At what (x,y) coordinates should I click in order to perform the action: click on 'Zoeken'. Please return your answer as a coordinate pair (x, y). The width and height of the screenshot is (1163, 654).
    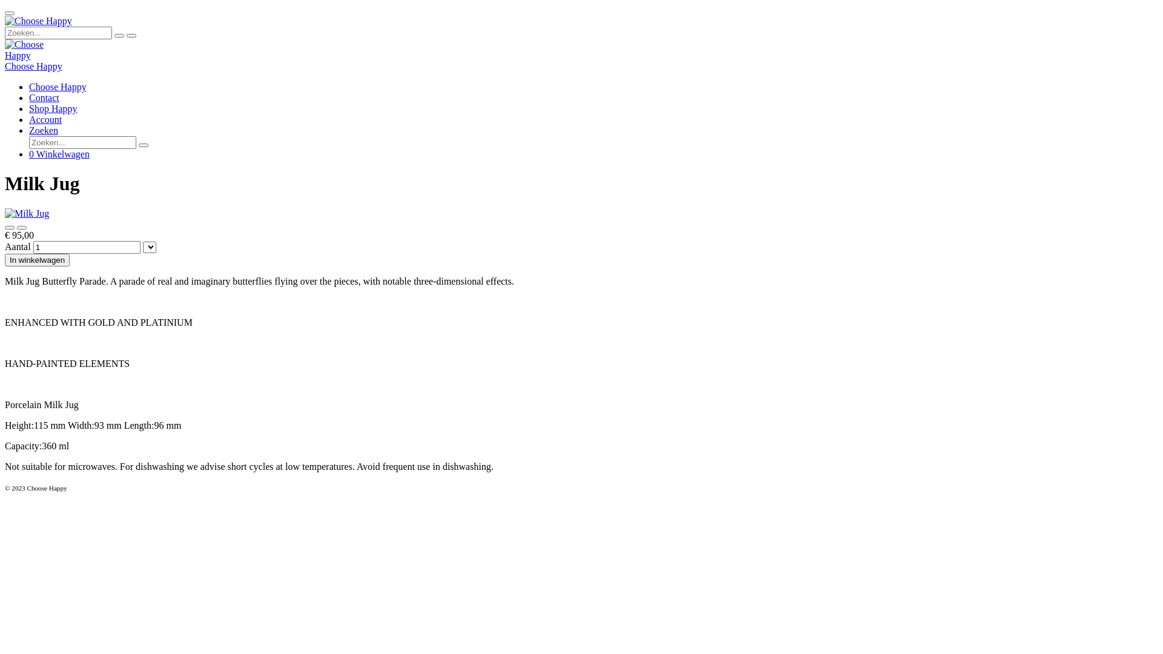
    Looking at the image, I should click on (44, 130).